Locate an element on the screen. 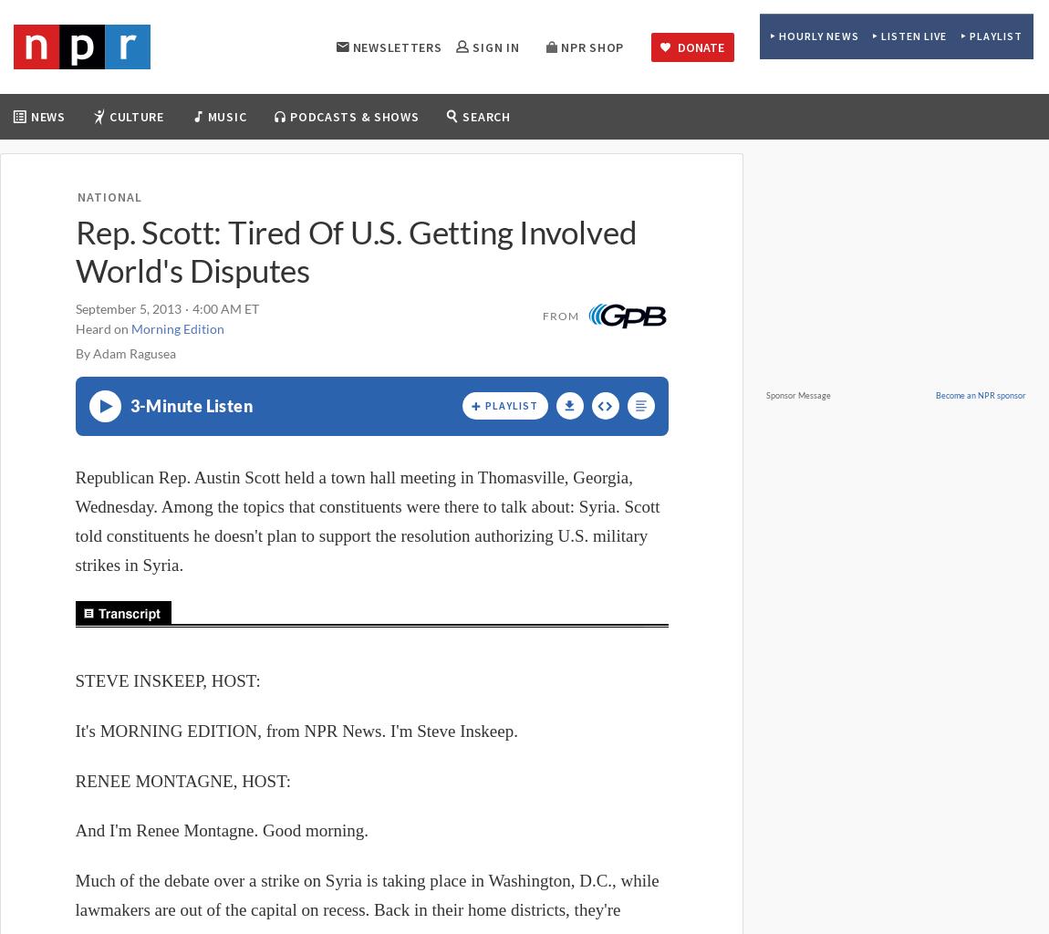 The height and width of the screenshot is (934, 1049). '4:00 AM ET' is located at coordinates (190, 307).